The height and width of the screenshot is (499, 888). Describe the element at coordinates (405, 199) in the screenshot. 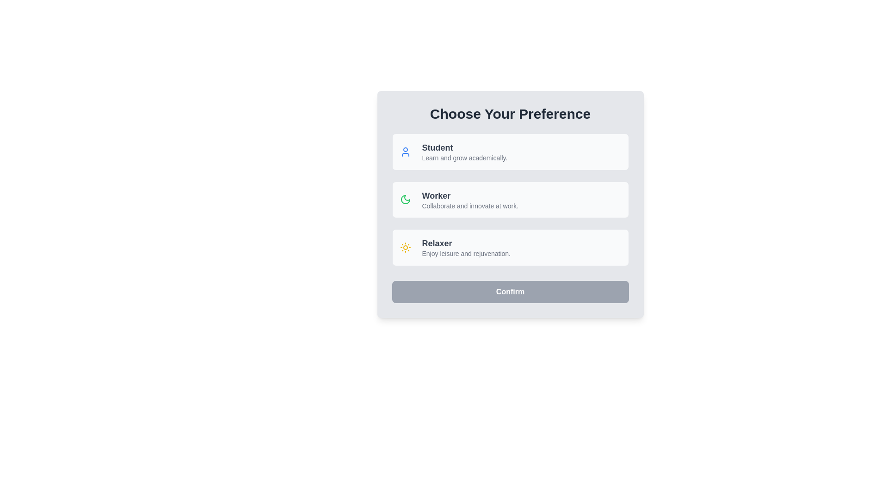

I see `the green crescent moon-shaped icon located in the second option row of the 'Choose Your Preference' list, positioned to the left of the 'Worker' label` at that location.